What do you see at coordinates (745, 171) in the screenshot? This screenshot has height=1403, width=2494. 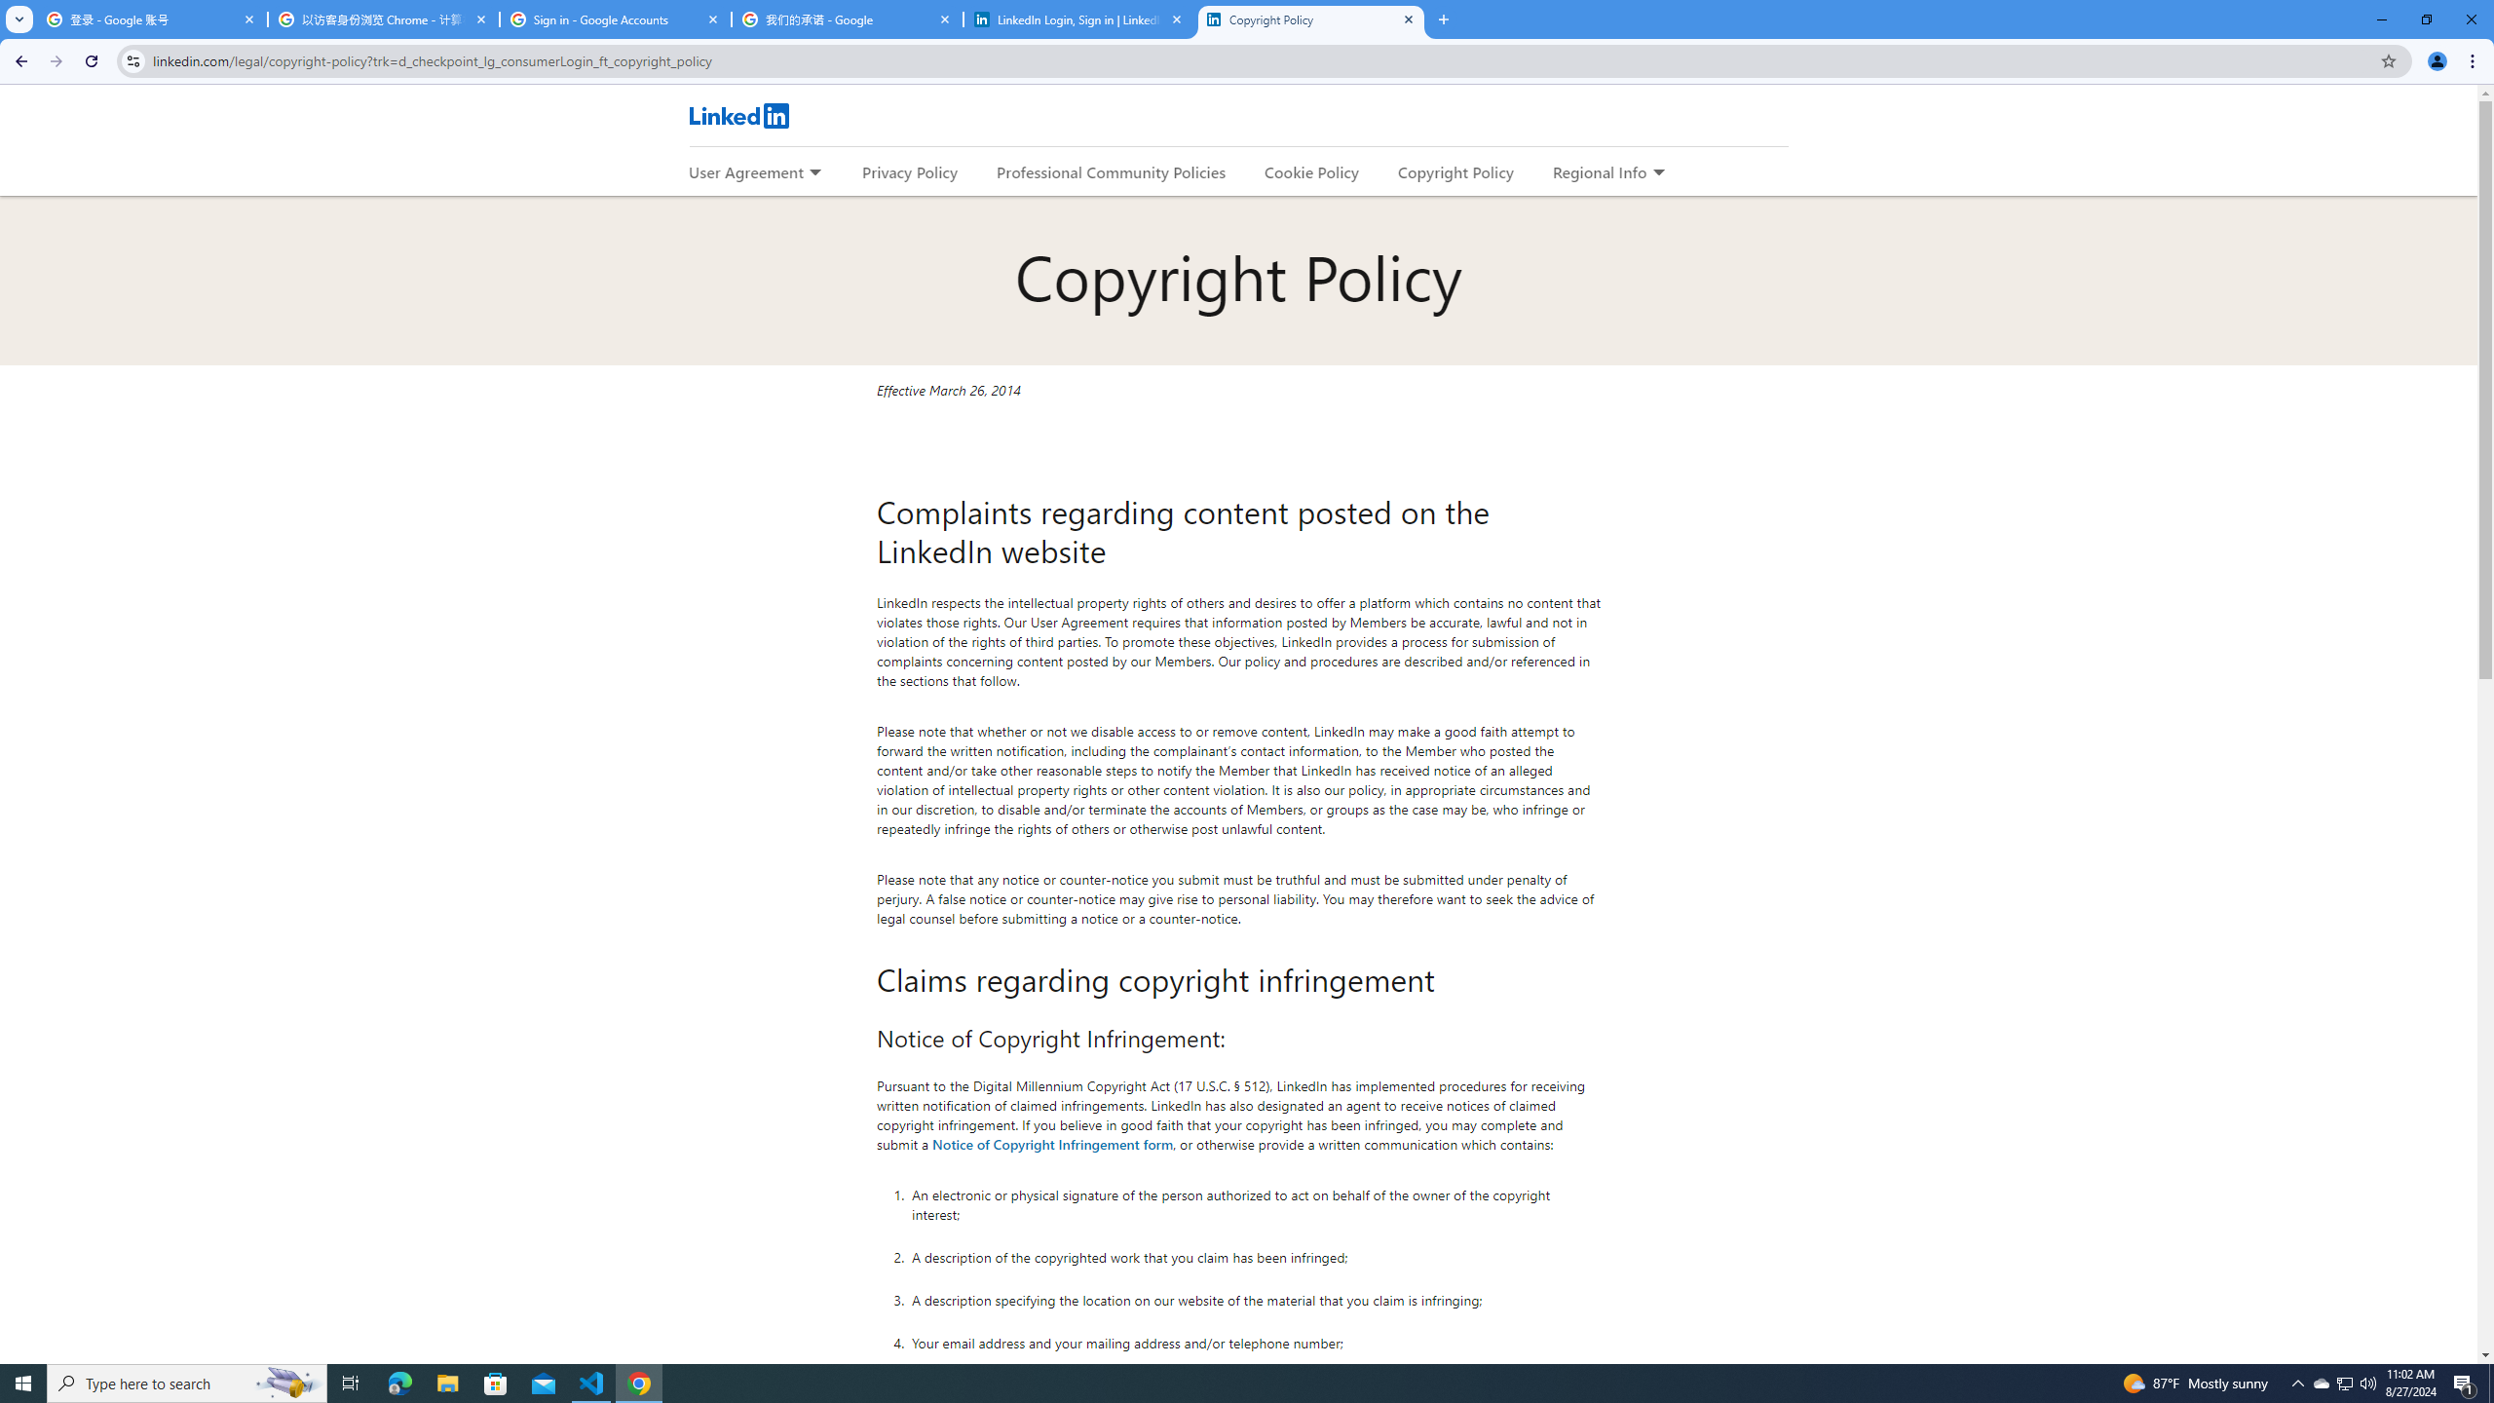 I see `'User Agreement'` at bounding box center [745, 171].